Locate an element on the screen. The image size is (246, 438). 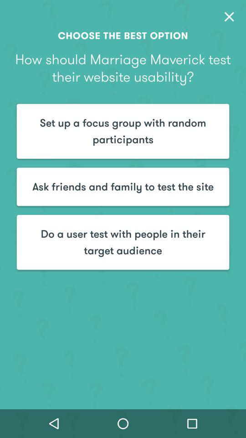
icon next to choose the best icon is located at coordinates (229, 16).